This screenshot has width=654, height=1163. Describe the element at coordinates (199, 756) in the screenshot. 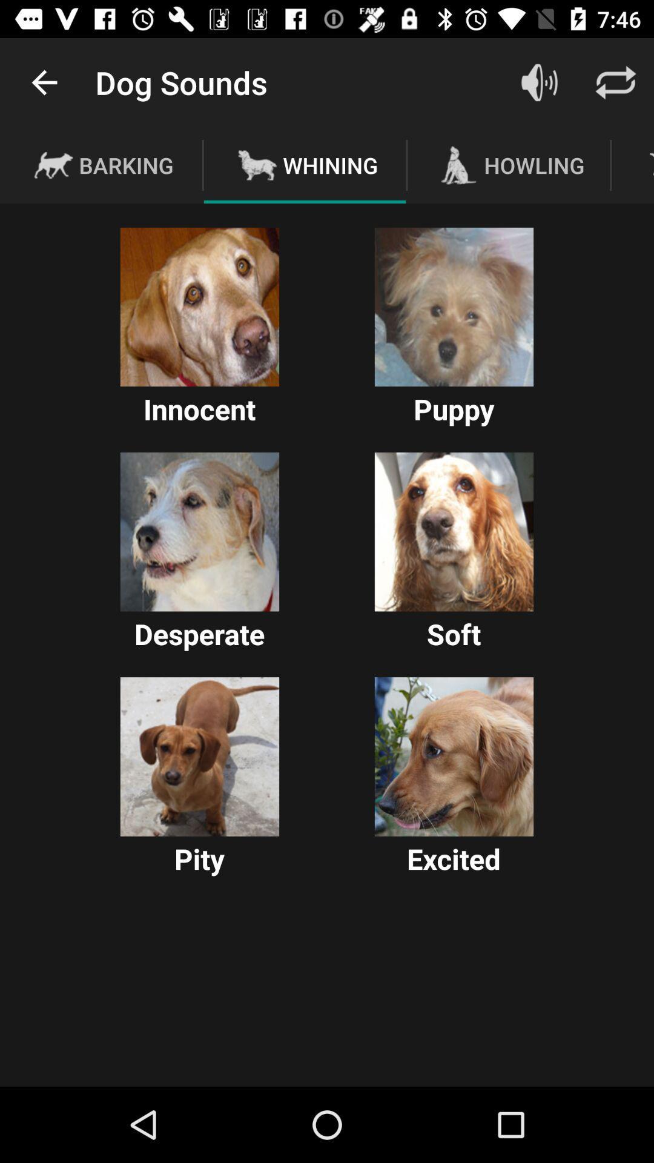

I see `a weiner god picture labeled pity` at that location.